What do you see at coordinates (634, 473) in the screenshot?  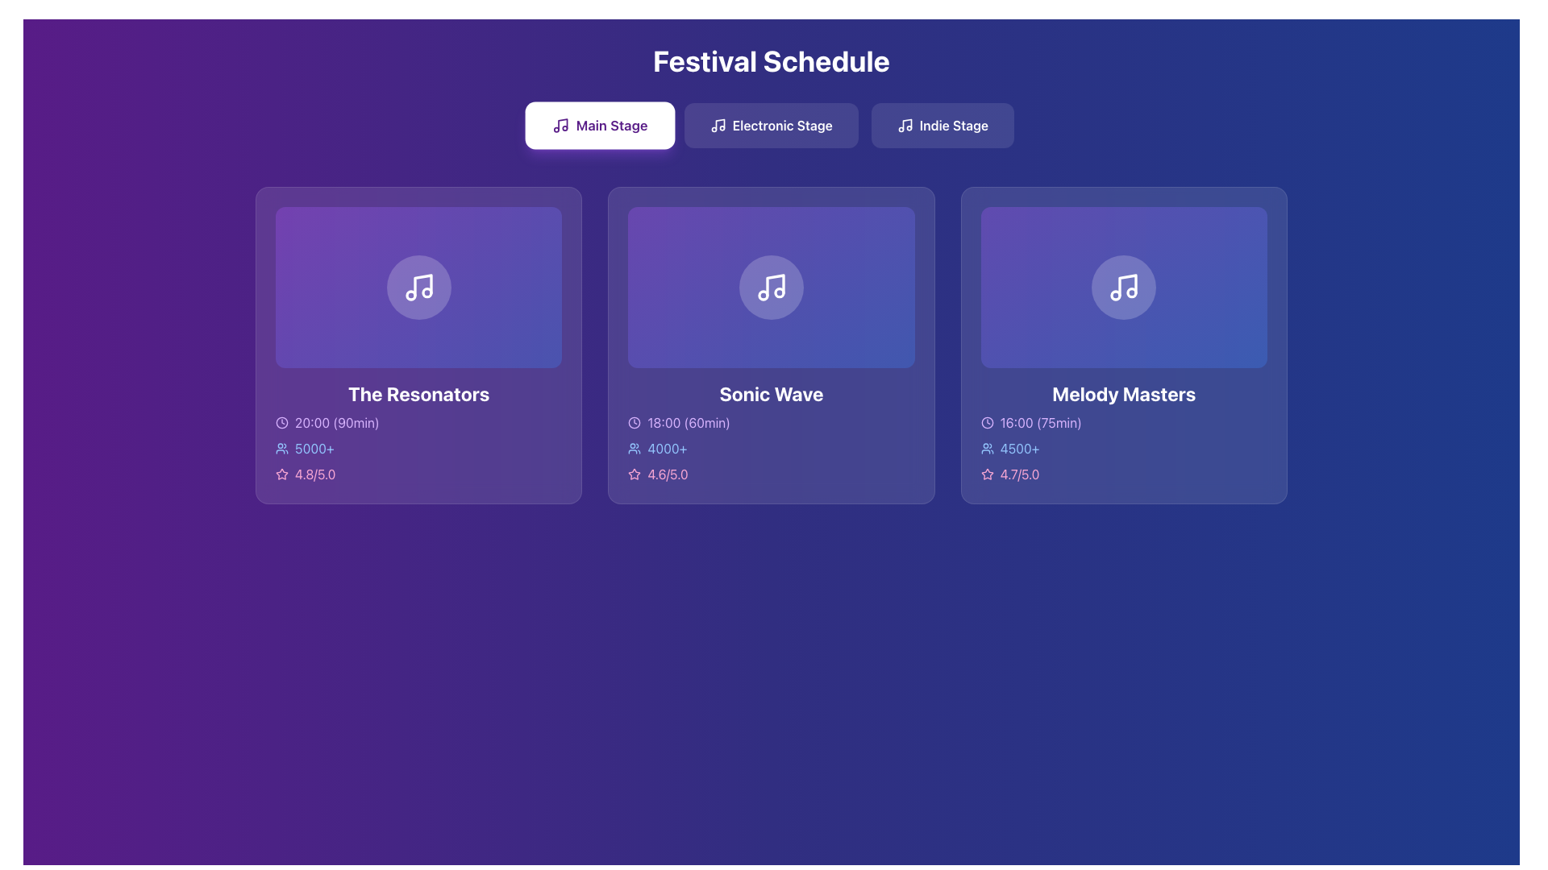 I see `the star icon with a thin outline styled in pink, located next to the rating '4.6/5.0' within the 'Sonic Wave' card in the middle section of the interface` at bounding box center [634, 473].